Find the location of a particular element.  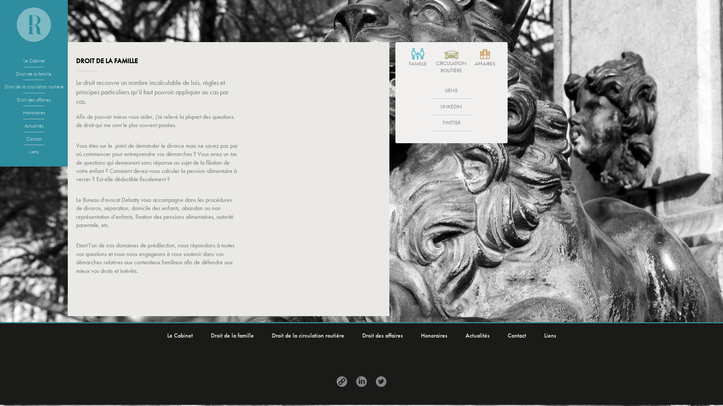

'LIENS' is located at coordinates (451, 90).